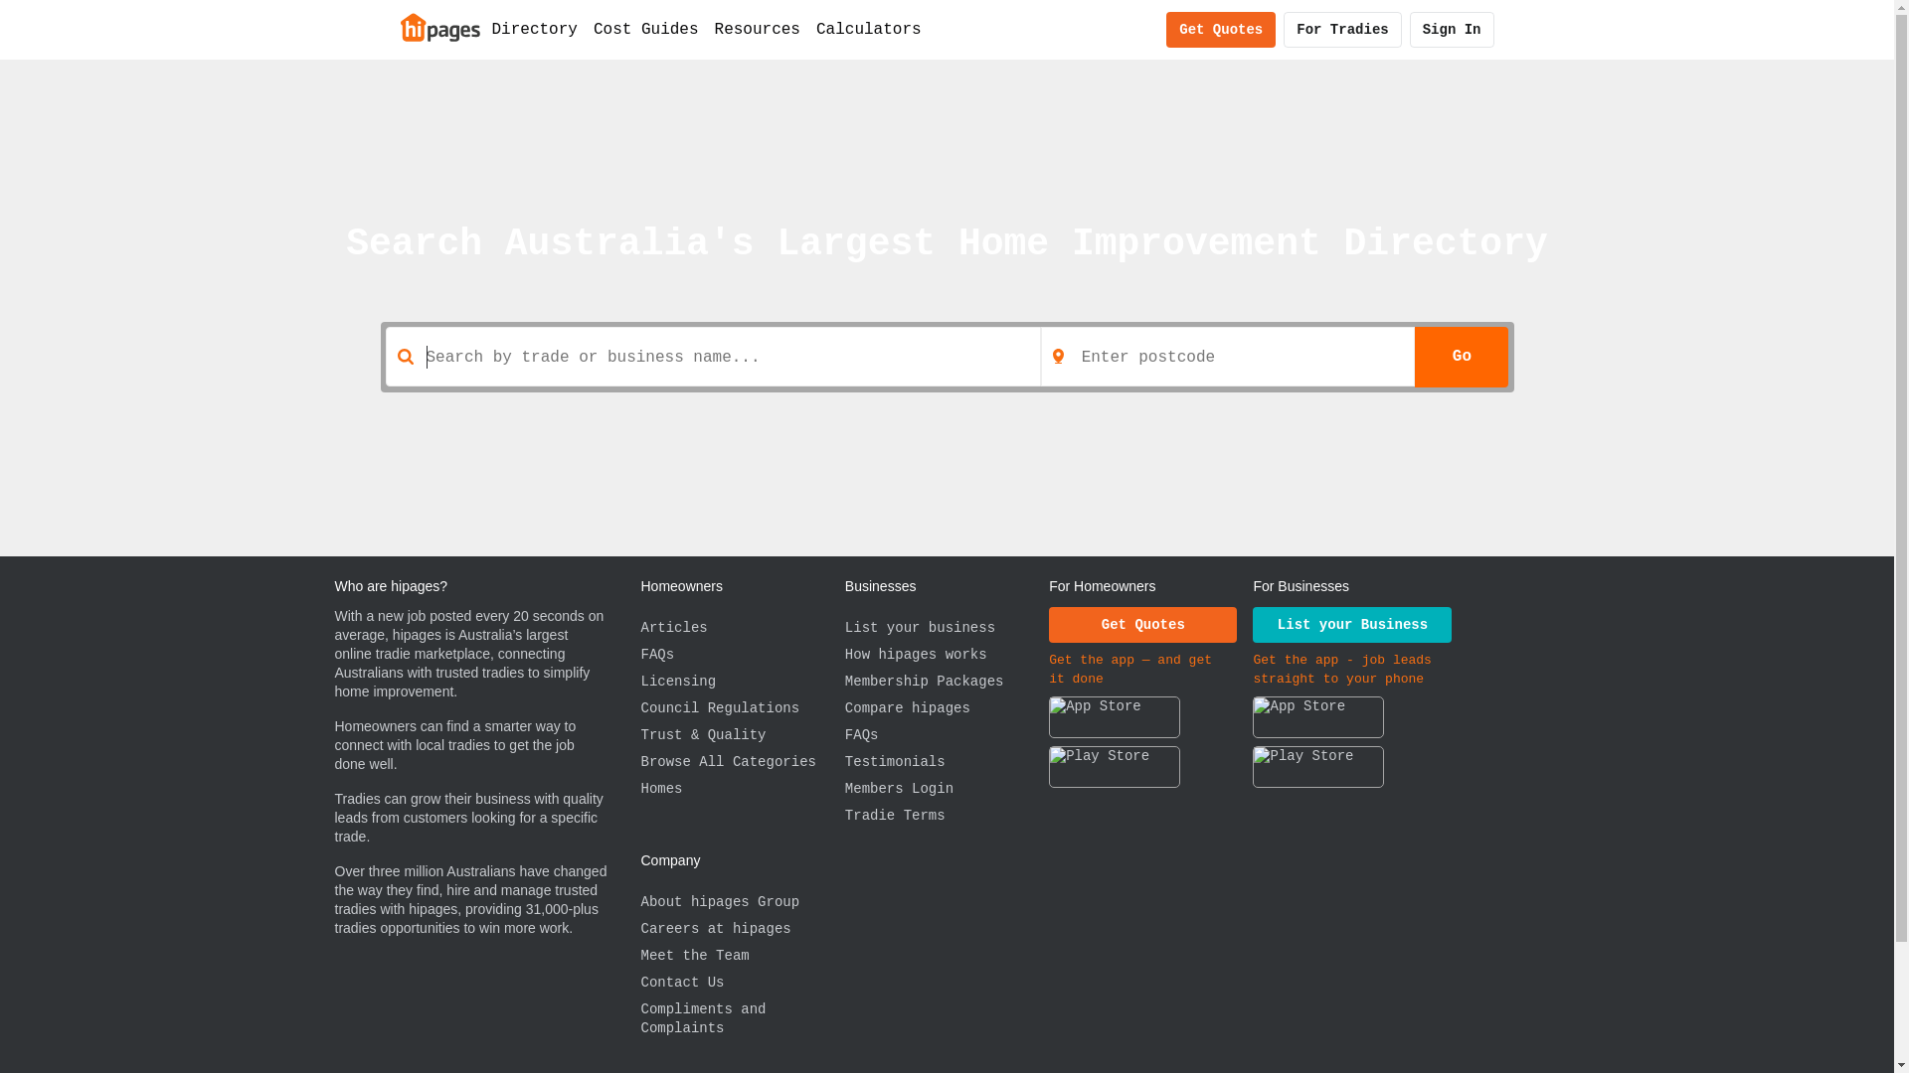 Image resolution: width=1909 pixels, height=1073 pixels. I want to click on 'Compare hipages', so click(946, 707).